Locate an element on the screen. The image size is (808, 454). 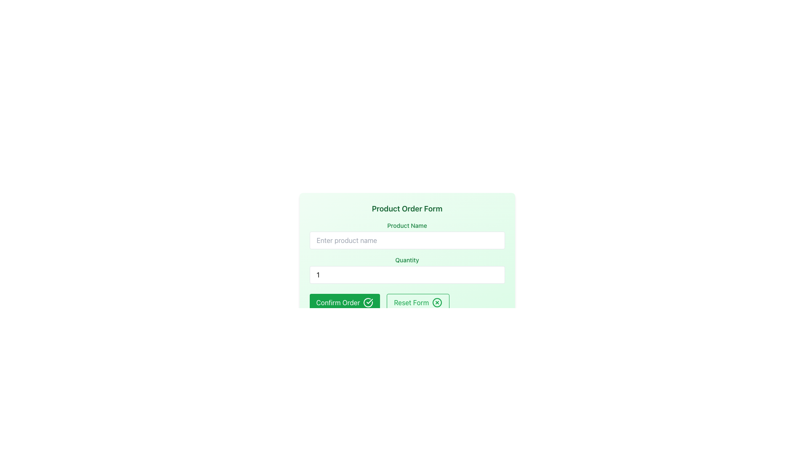
the reset button in the 'Product Order Form' is located at coordinates (418, 303).